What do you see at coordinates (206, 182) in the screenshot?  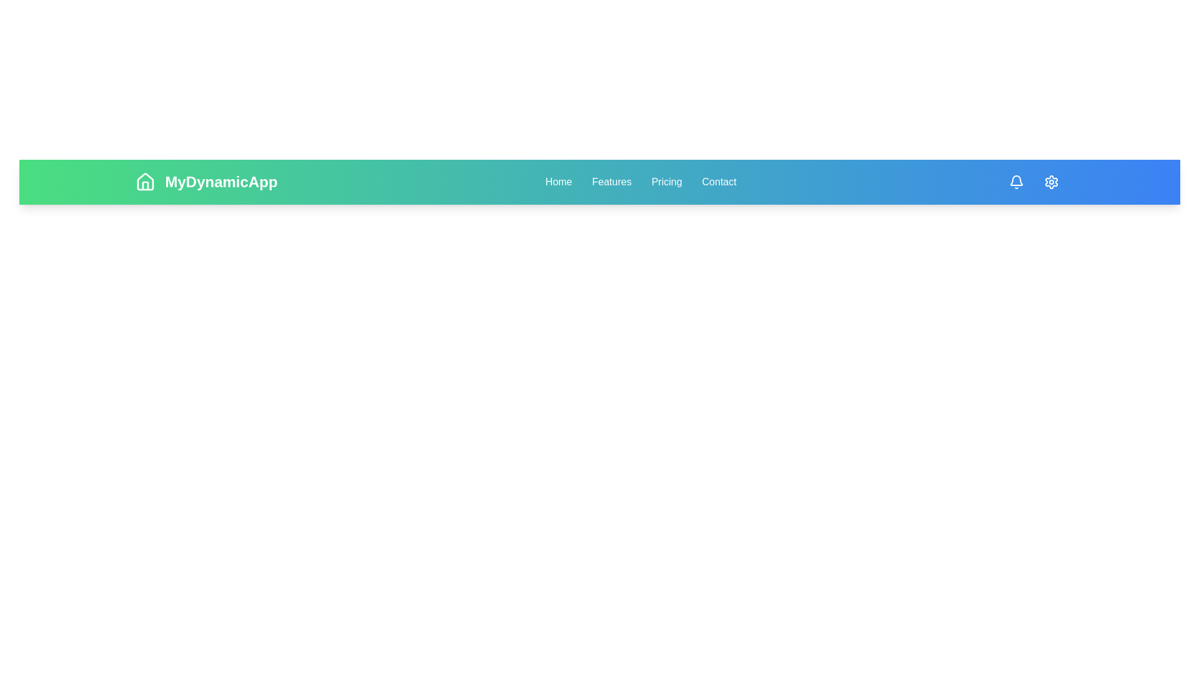 I see `the text 'MyDynamicApp' to highlight it` at bounding box center [206, 182].